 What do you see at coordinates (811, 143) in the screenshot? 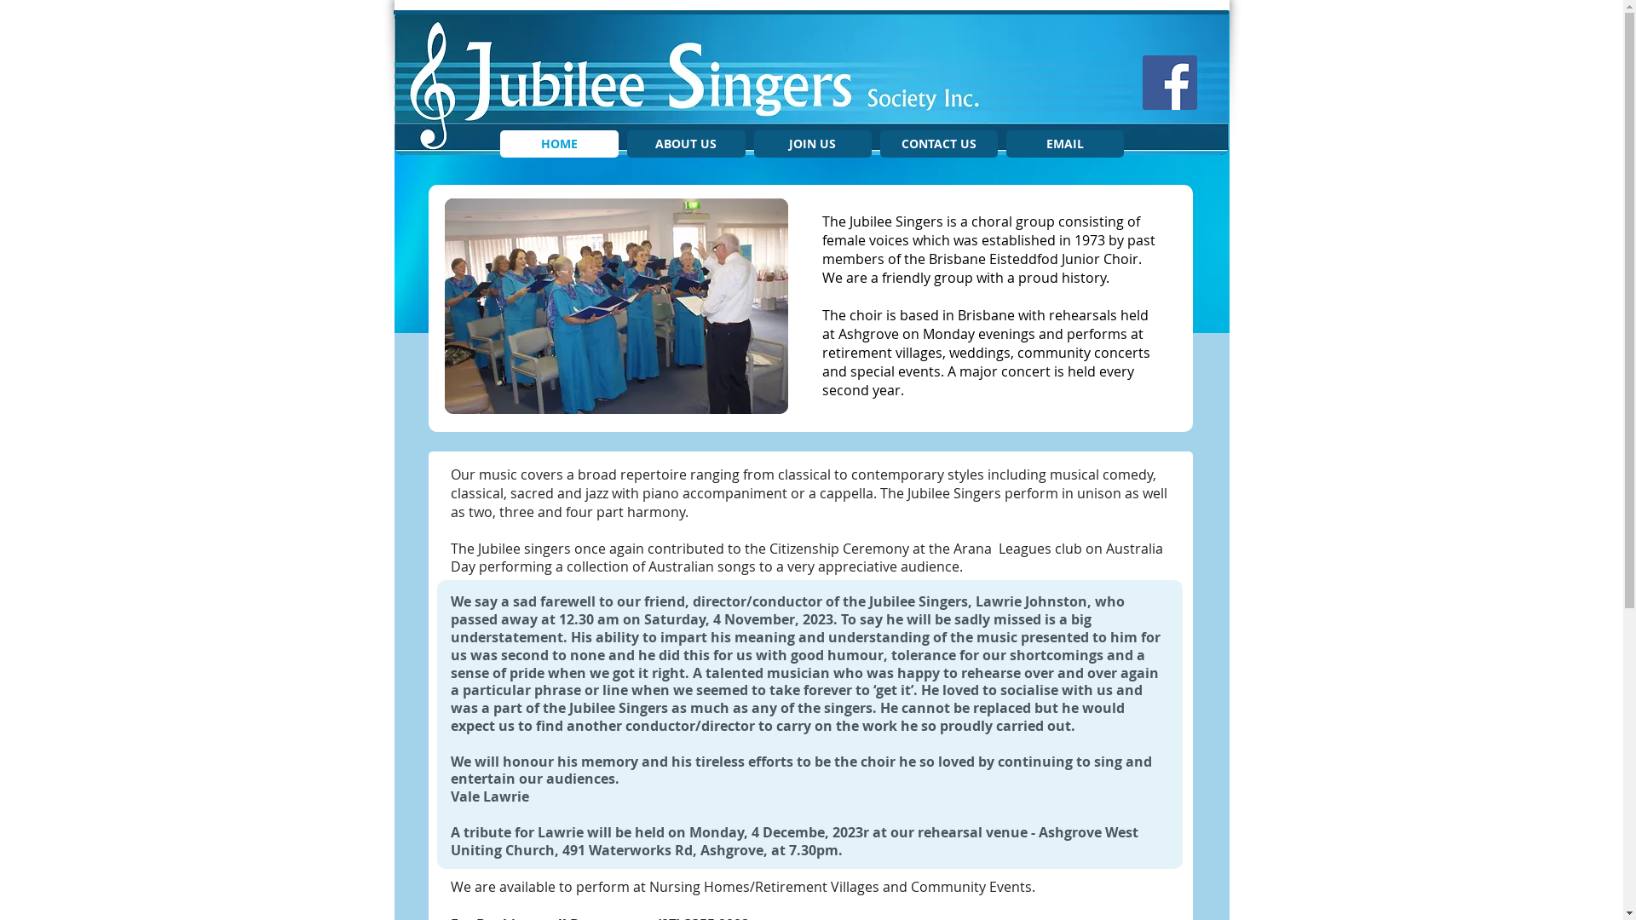
I see `'JOIN US'` at bounding box center [811, 143].